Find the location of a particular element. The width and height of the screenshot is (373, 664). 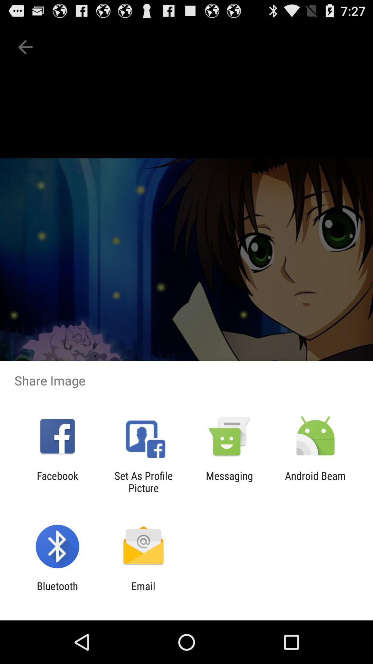

item to the right of the facebook is located at coordinates (143, 481).